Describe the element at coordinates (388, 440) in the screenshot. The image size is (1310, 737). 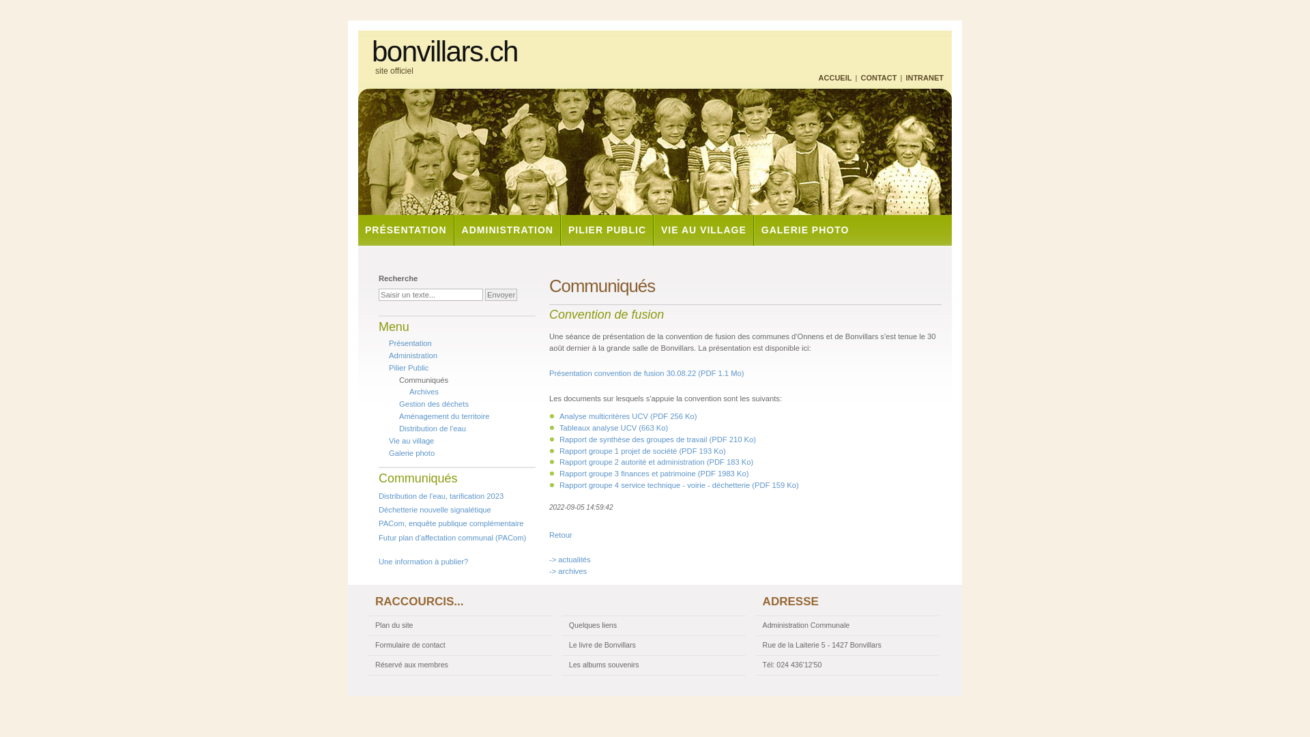
I see `'Vie au village'` at that location.